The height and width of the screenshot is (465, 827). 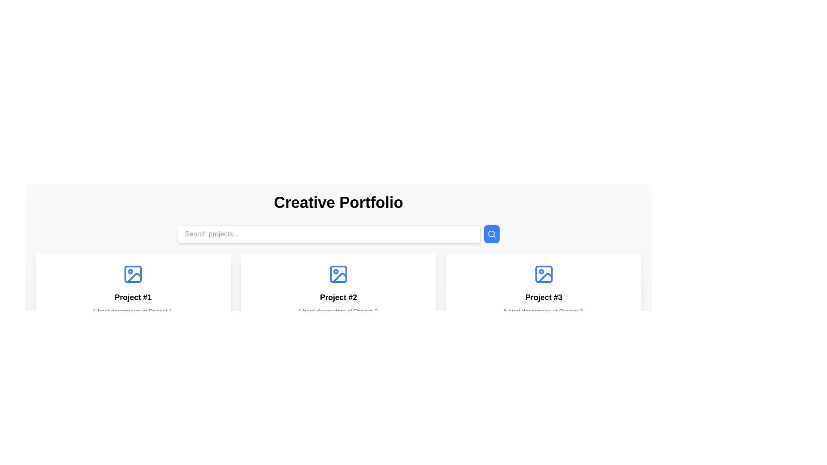 I want to click on the circular graphic icon within the search button, located to the right side of the search text input field, so click(x=491, y=234).